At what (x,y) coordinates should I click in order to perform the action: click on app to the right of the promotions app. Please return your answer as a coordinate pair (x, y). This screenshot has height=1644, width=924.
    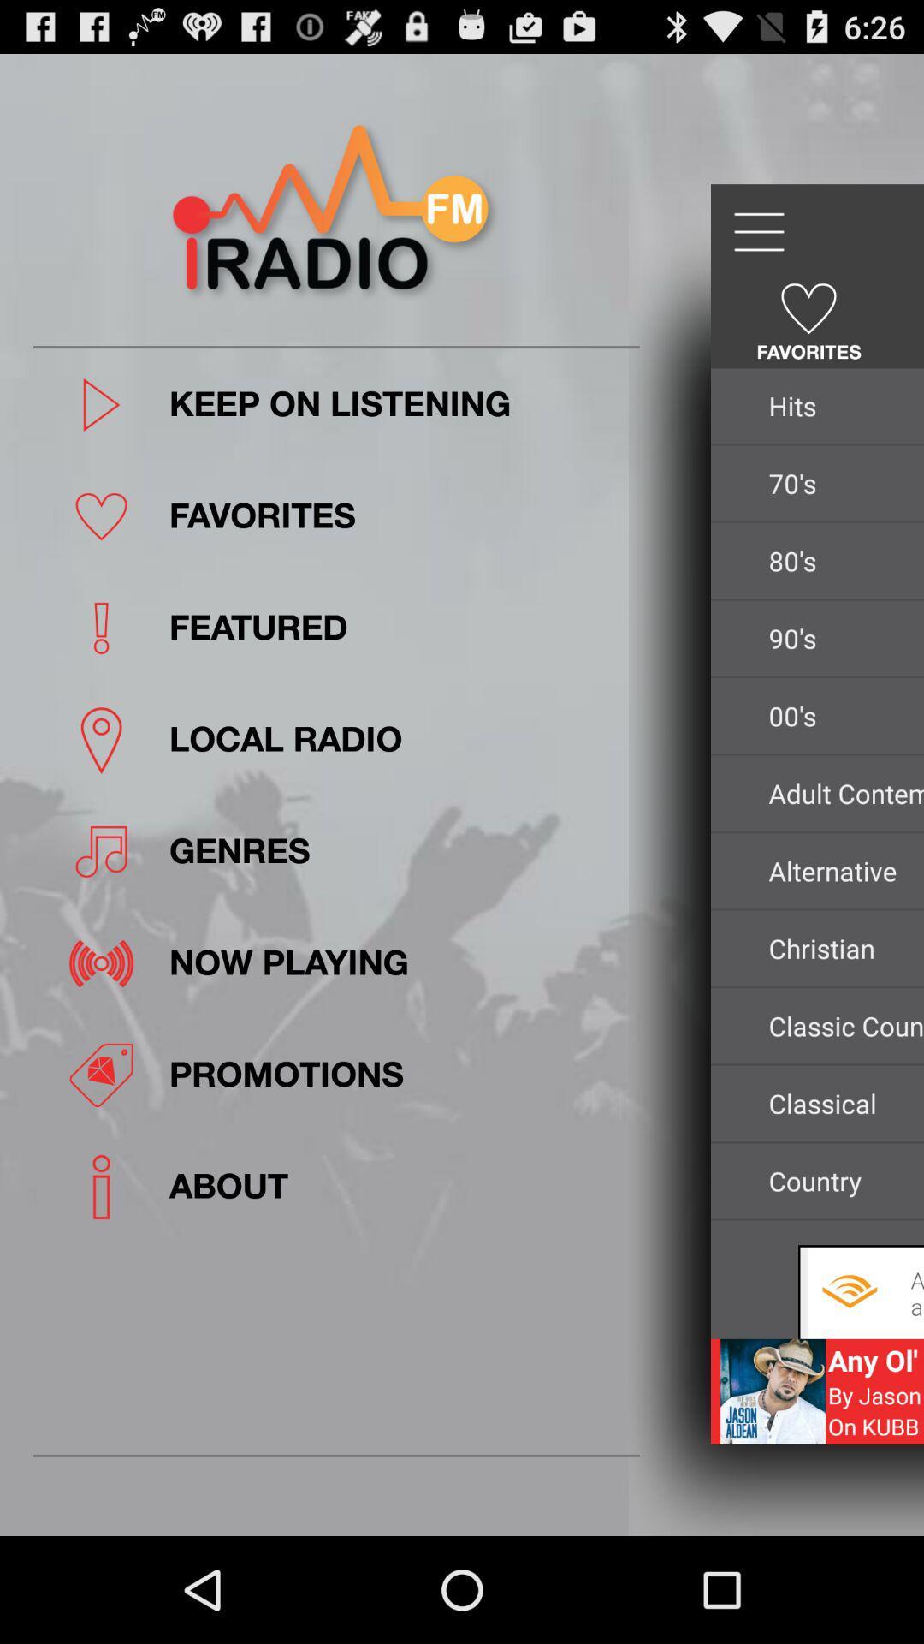
    Looking at the image, I should click on (840, 1103).